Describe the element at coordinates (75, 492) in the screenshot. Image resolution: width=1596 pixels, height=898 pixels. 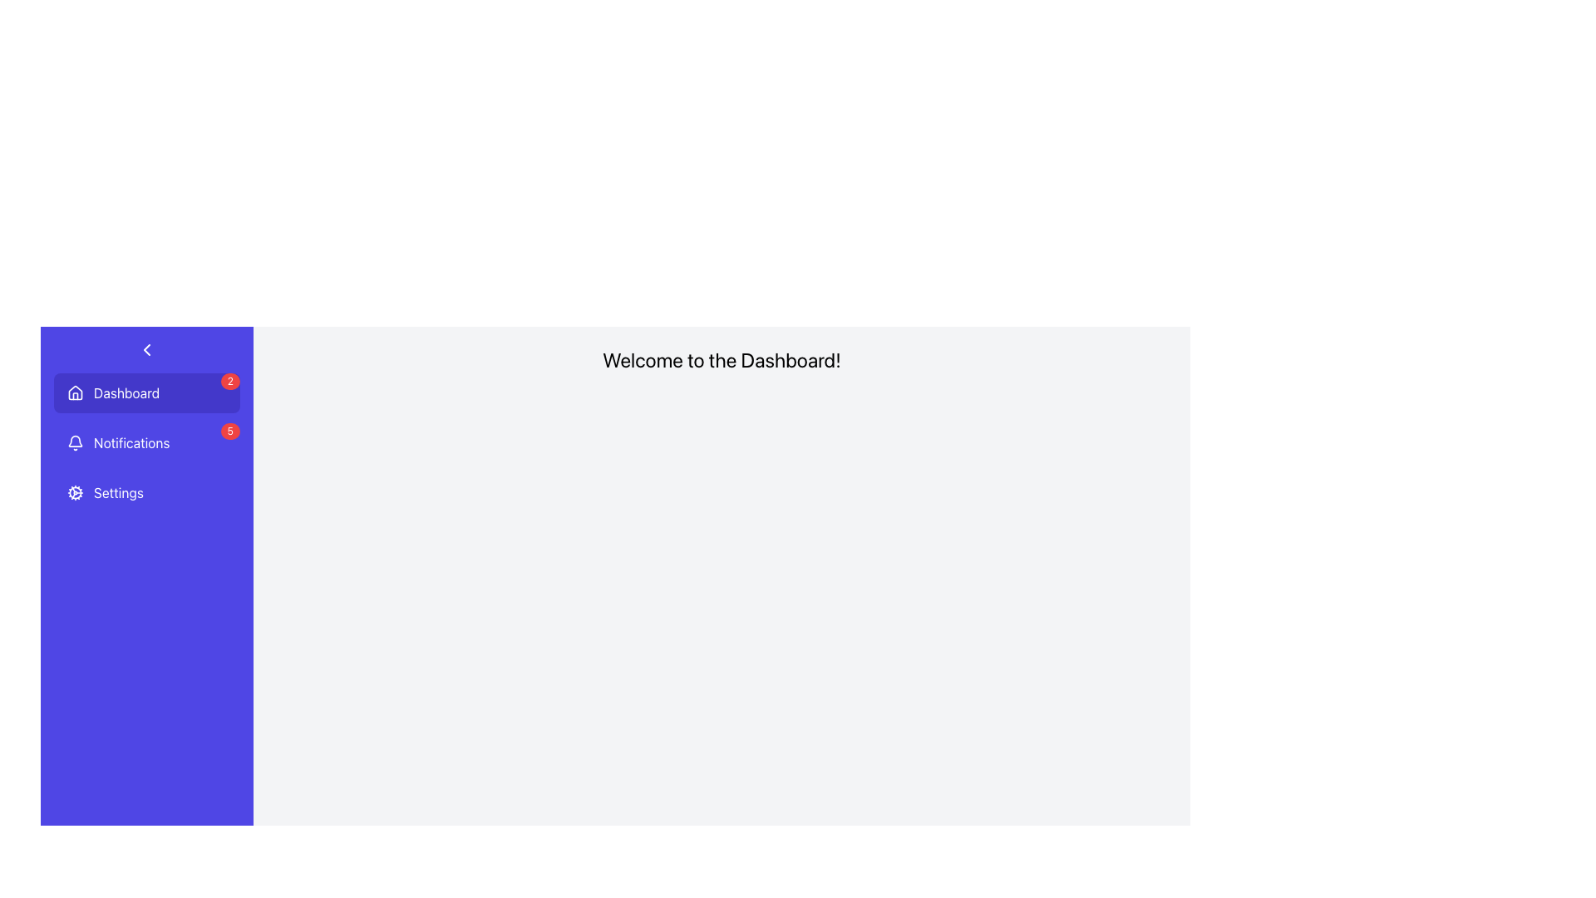
I see `the cogwheel icon located in the left-side navigation panel under the 'Settings' option` at that location.